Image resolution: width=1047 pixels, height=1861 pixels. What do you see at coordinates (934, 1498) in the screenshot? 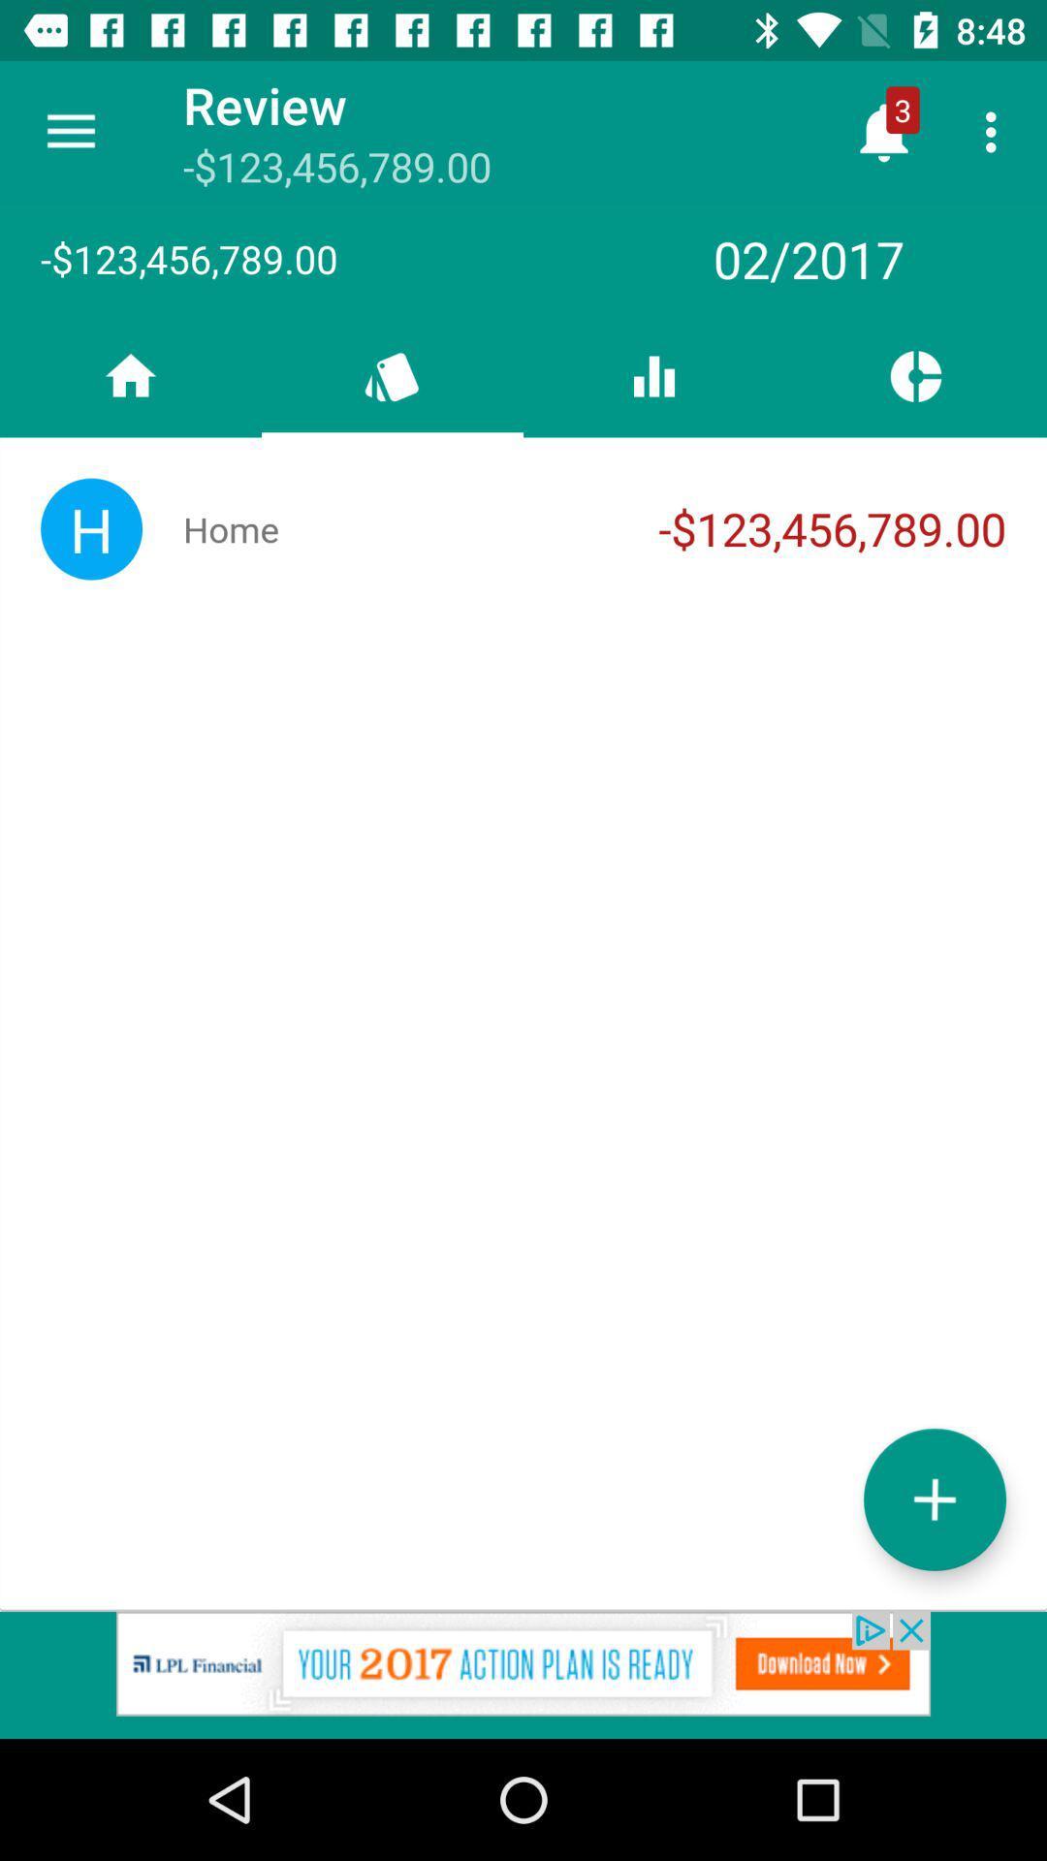
I see `increash` at bounding box center [934, 1498].